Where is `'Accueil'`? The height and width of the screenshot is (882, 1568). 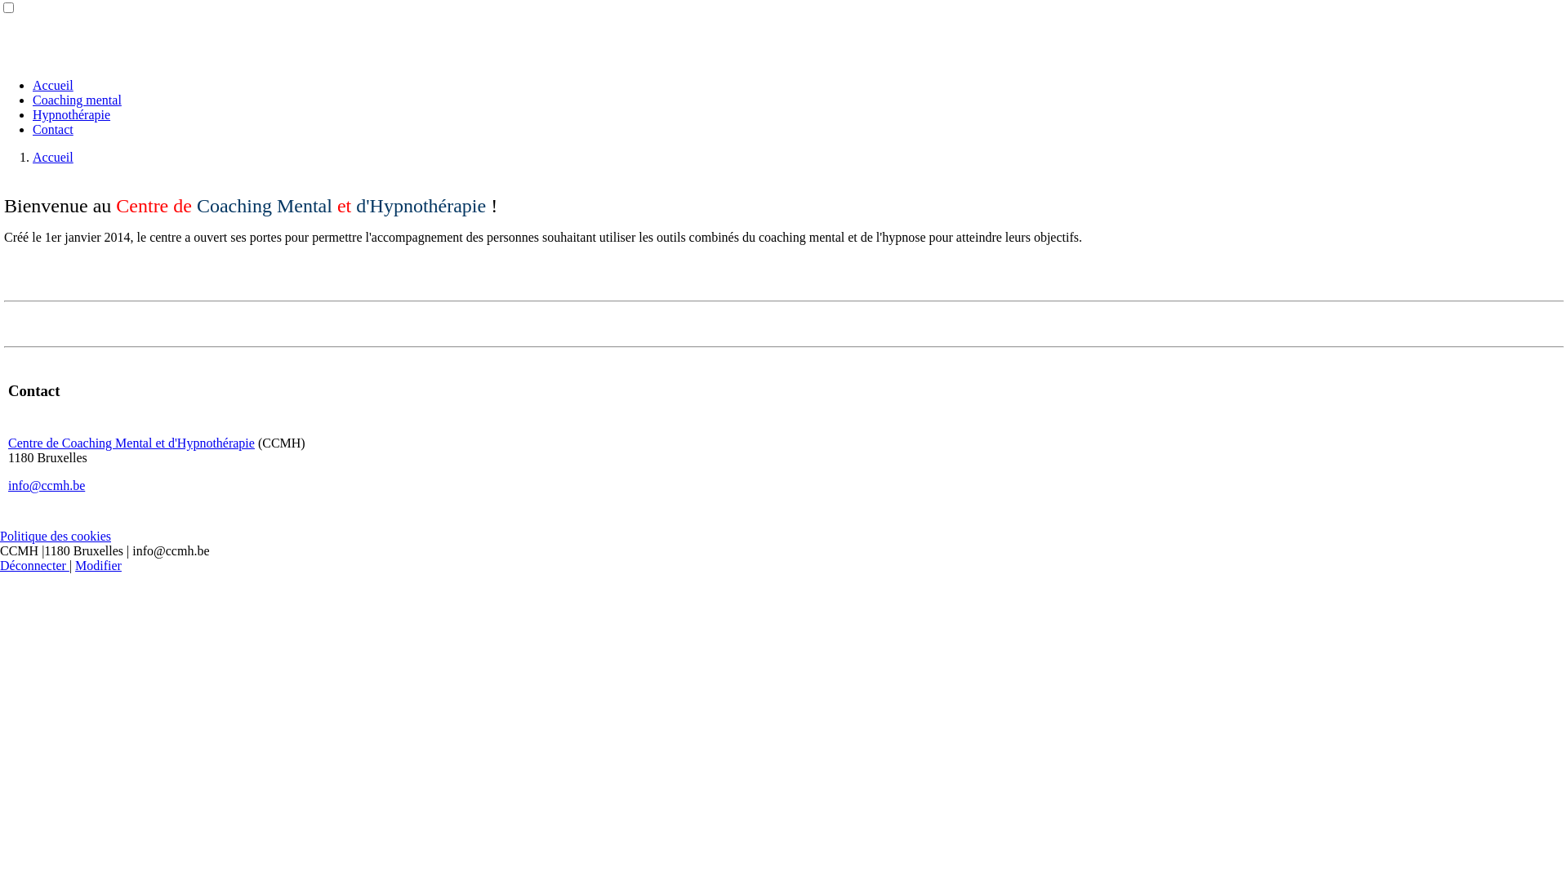
'Accueil' is located at coordinates (53, 85).